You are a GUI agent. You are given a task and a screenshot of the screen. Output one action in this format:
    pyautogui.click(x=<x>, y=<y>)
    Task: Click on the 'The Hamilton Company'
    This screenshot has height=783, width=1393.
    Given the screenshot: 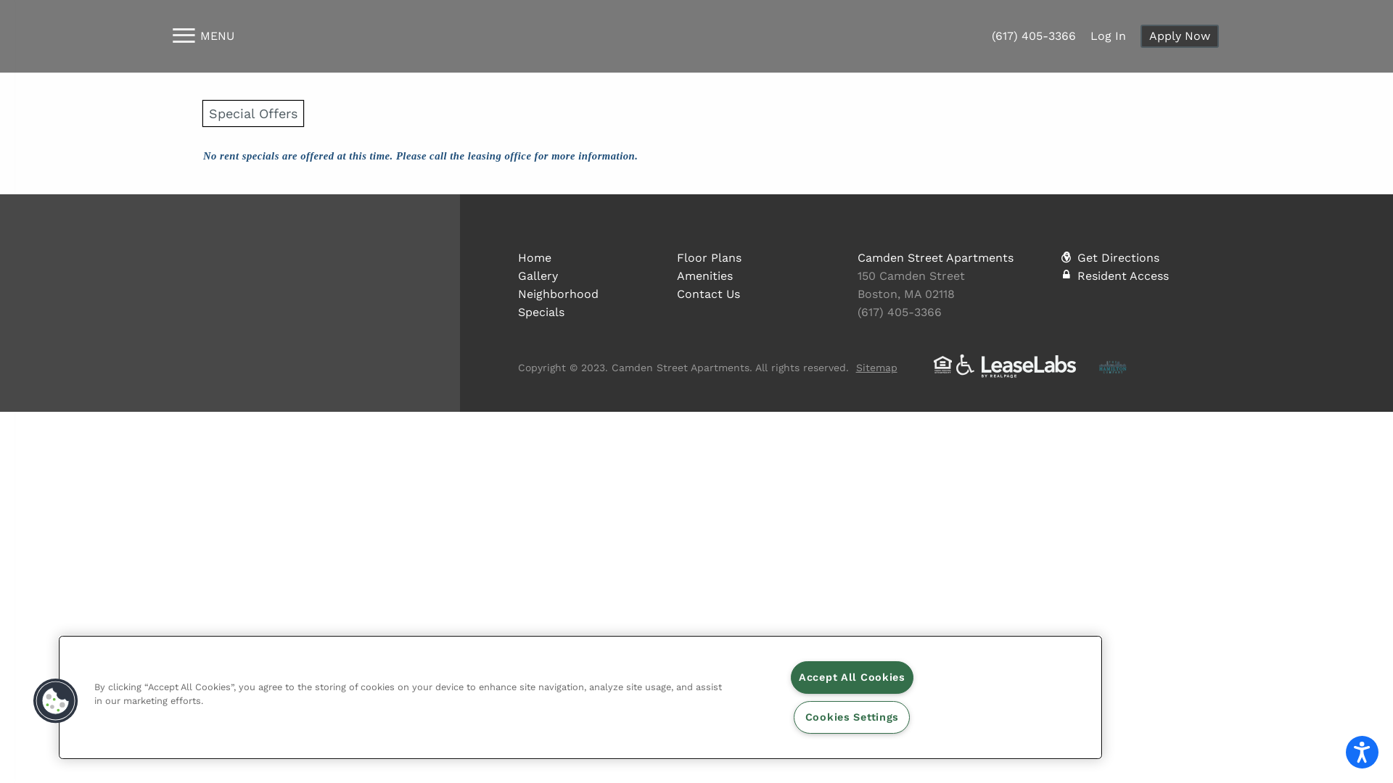 What is the action you would take?
    pyautogui.click(x=1112, y=365)
    